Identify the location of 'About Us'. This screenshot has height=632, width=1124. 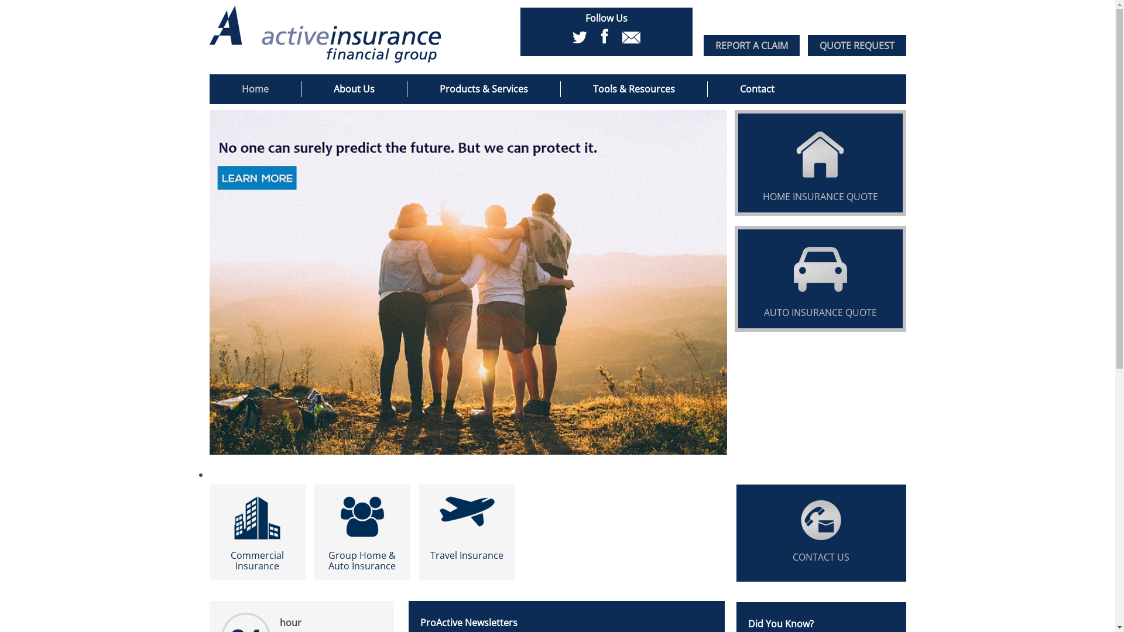
(353, 88).